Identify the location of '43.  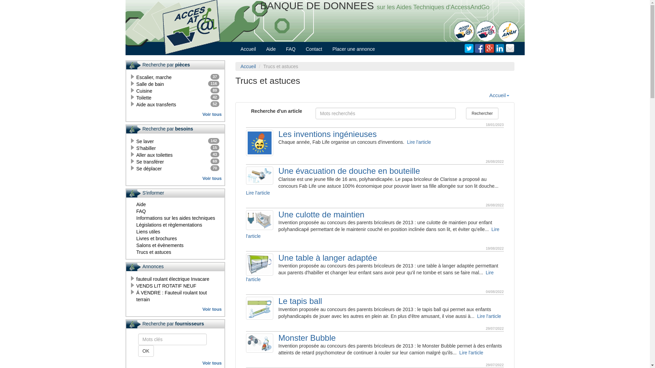
(154, 155).